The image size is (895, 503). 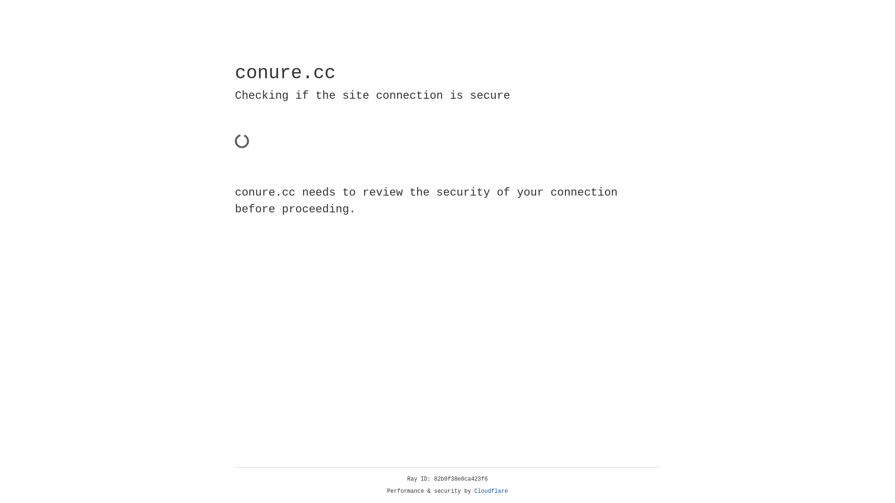 I want to click on 'Cloudflare', so click(x=474, y=491).